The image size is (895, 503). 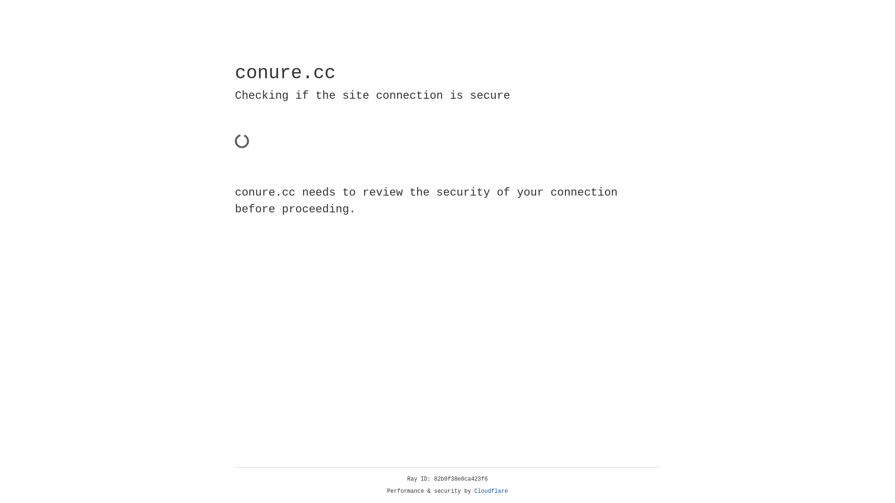 I want to click on 'Cloudflare', so click(x=474, y=491).